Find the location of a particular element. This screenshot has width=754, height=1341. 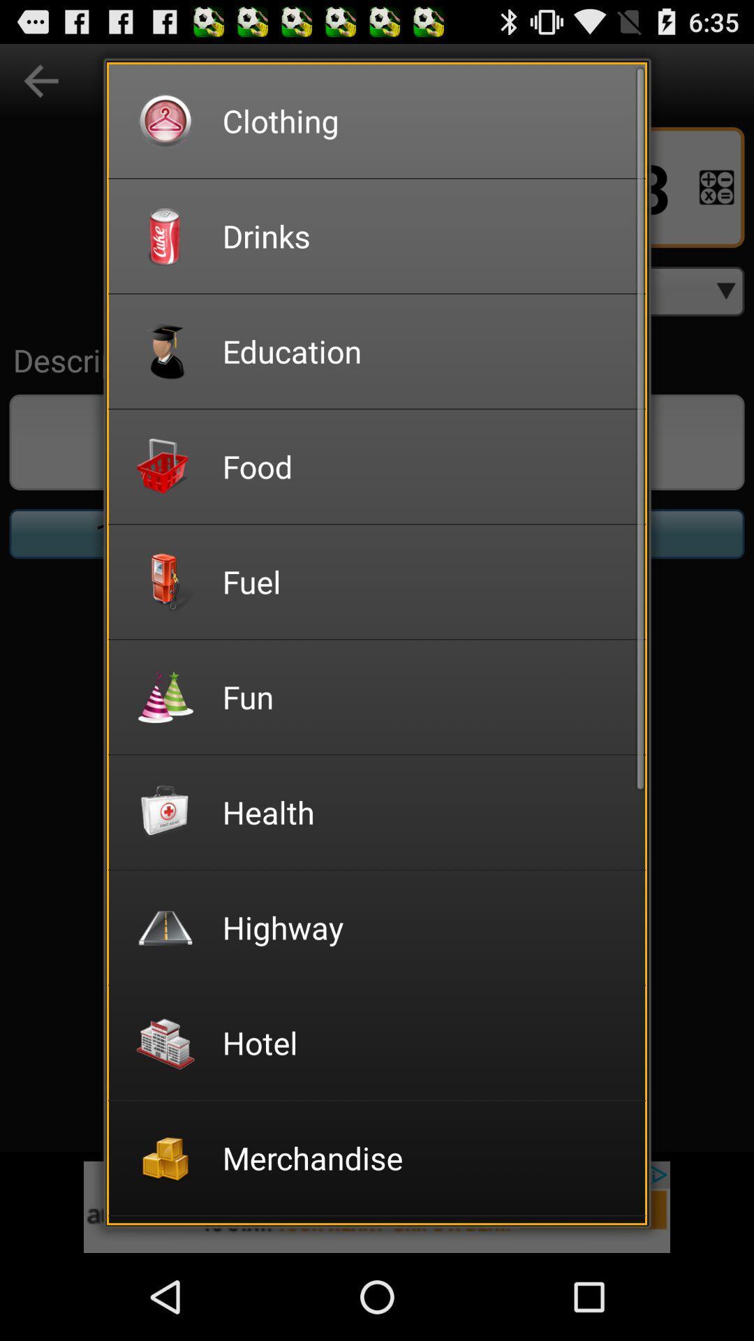

the food icon is located at coordinates (424, 466).